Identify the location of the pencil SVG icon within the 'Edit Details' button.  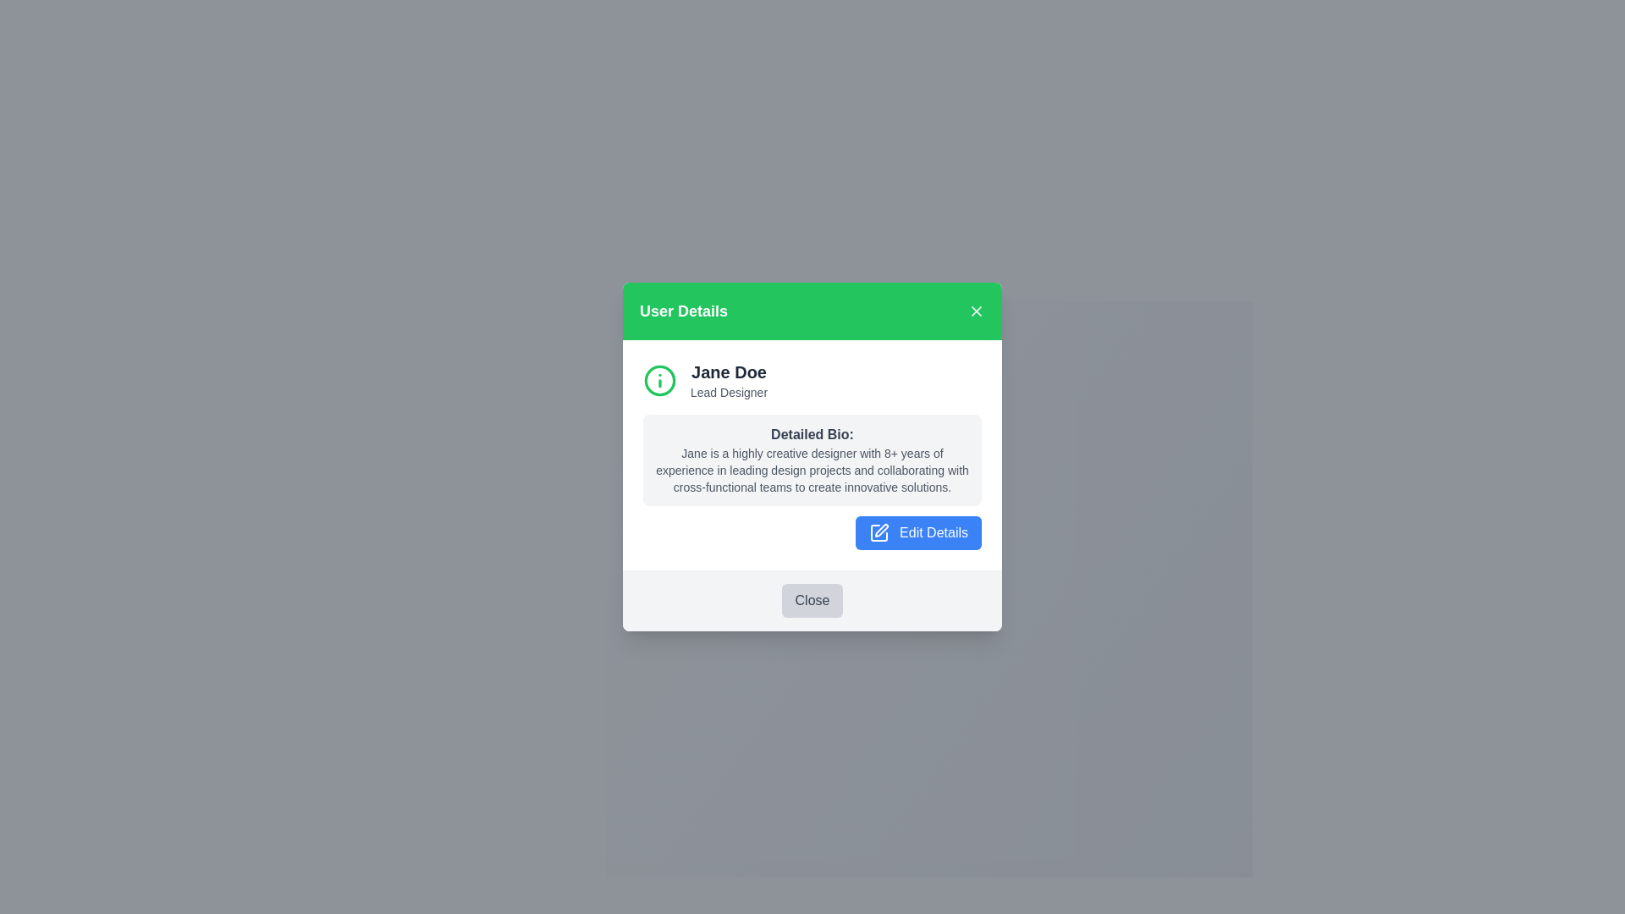
(879, 533).